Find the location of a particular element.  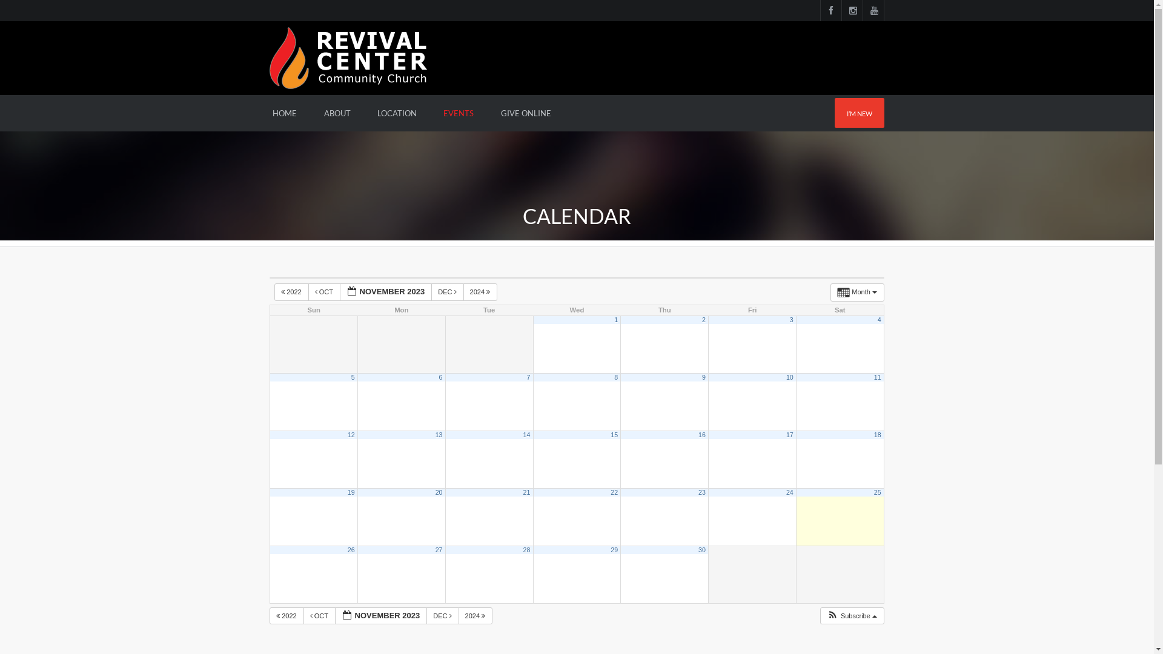

'13' is located at coordinates (438, 434).